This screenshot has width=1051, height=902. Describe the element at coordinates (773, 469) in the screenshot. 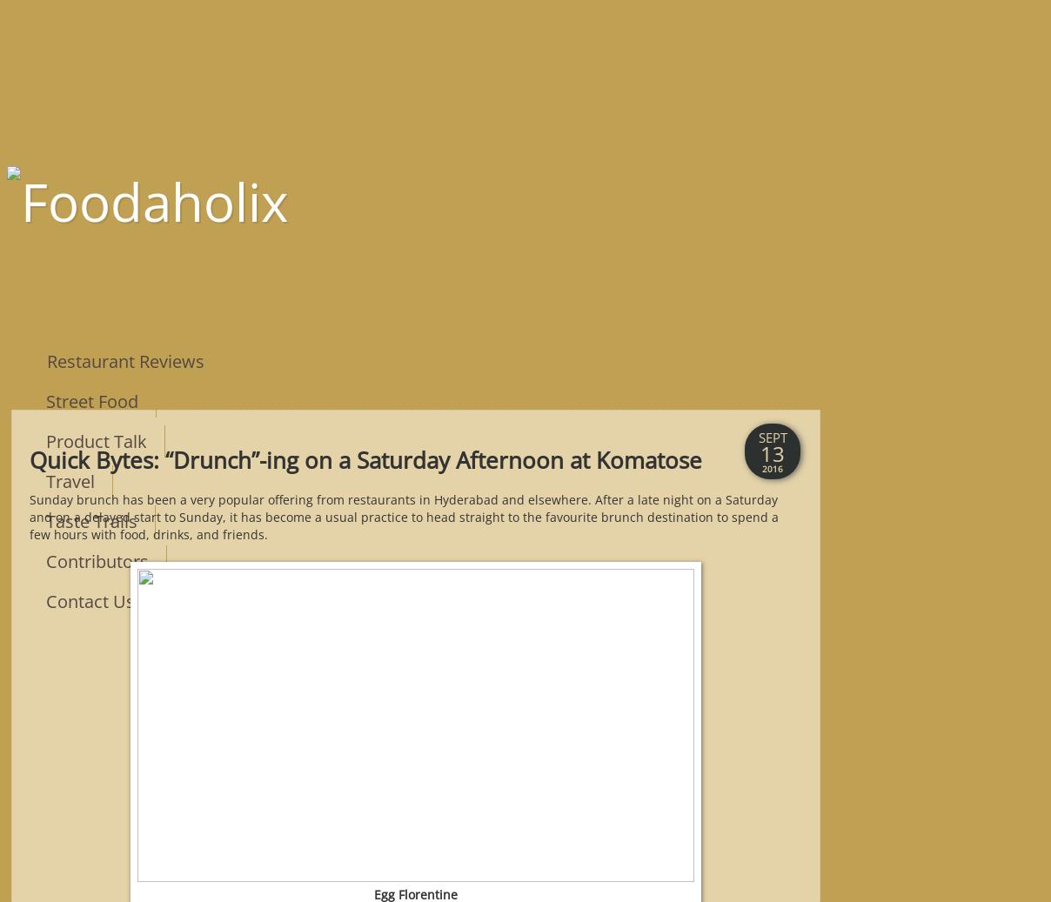

I see `'2016'` at that location.